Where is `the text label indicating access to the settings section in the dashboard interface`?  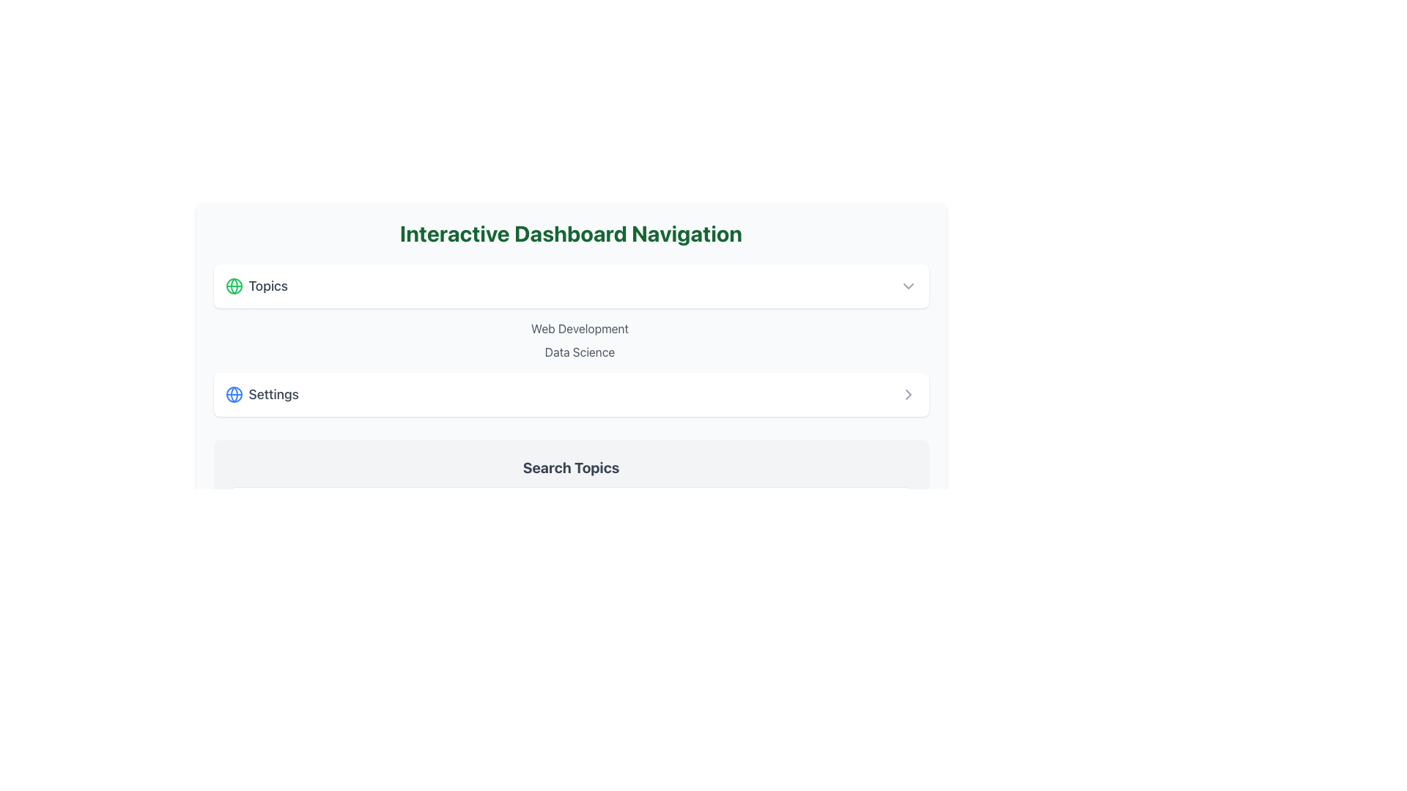 the text label indicating access to the settings section in the dashboard interface is located at coordinates (262, 394).